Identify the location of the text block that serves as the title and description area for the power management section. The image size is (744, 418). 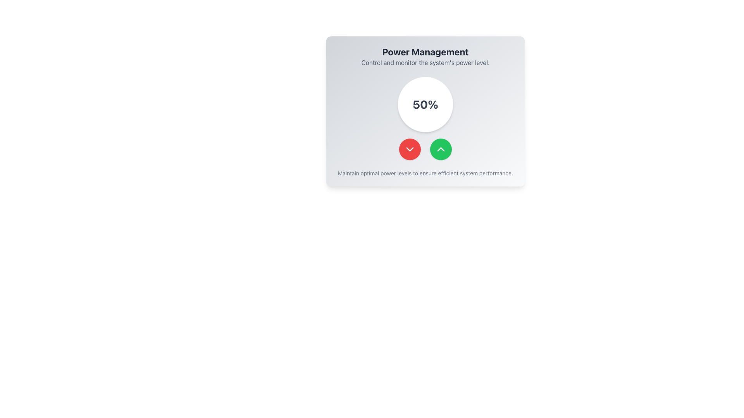
(425, 56).